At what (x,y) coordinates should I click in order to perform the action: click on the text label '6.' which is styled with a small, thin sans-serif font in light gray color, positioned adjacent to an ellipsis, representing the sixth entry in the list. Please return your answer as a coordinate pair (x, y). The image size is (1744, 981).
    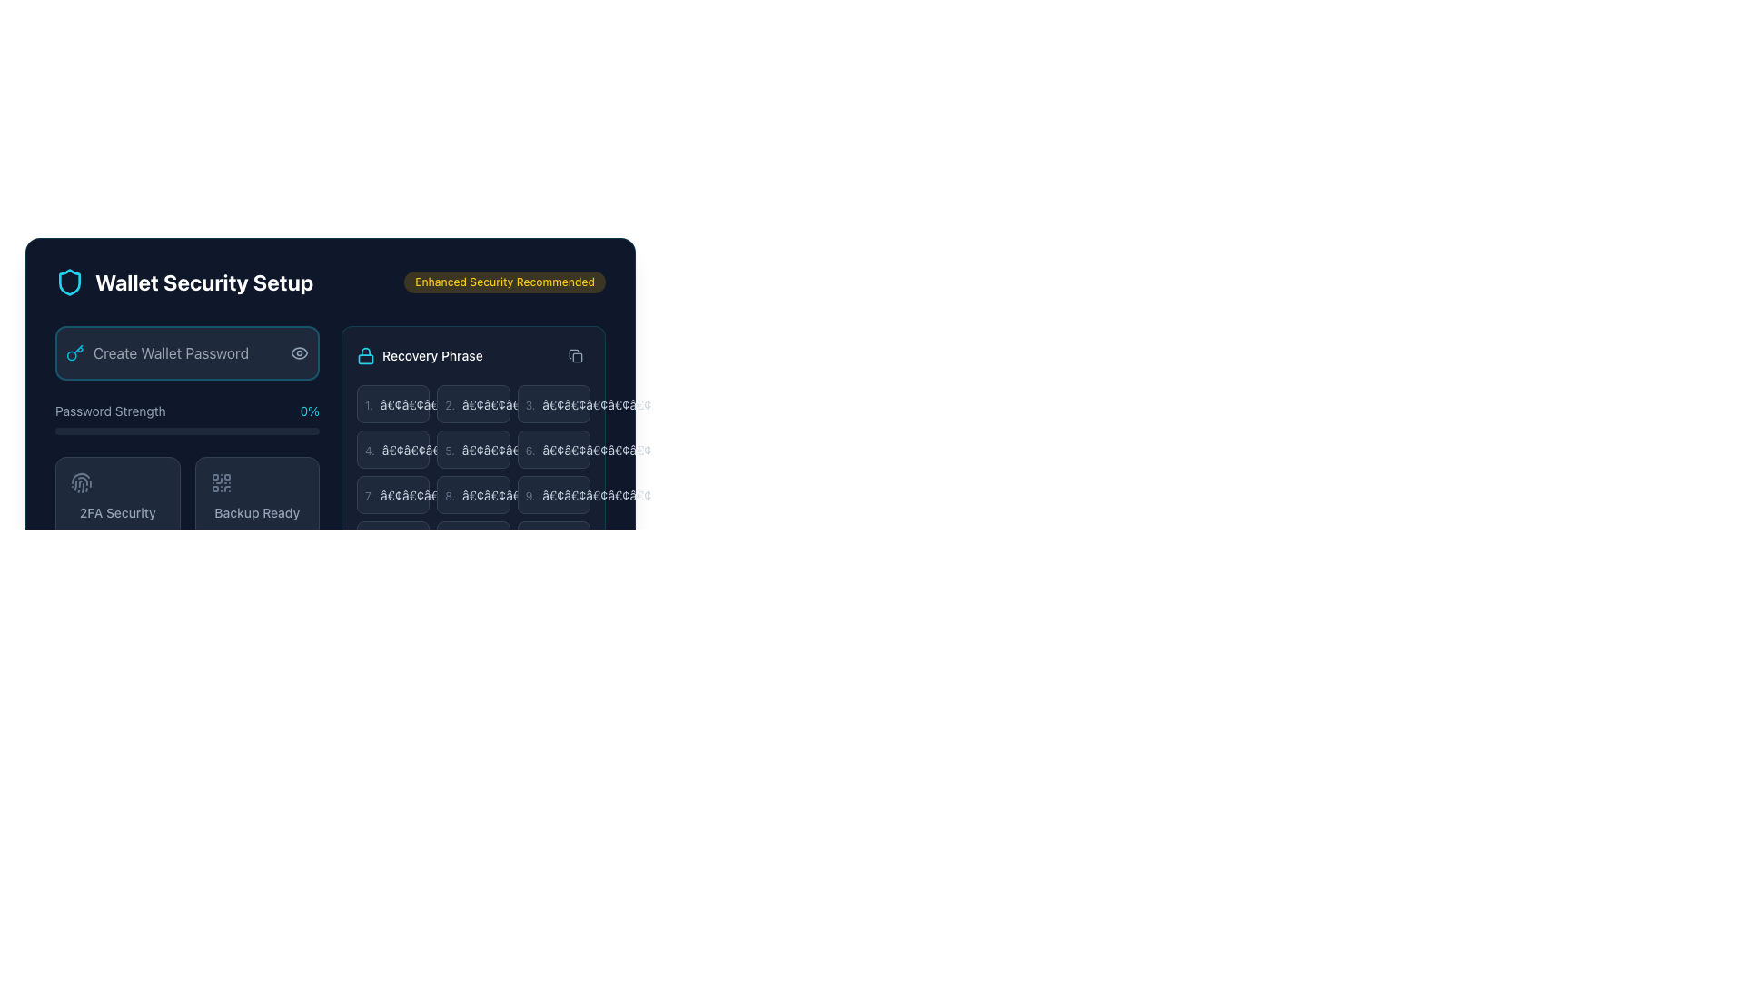
    Looking at the image, I should click on (530, 450).